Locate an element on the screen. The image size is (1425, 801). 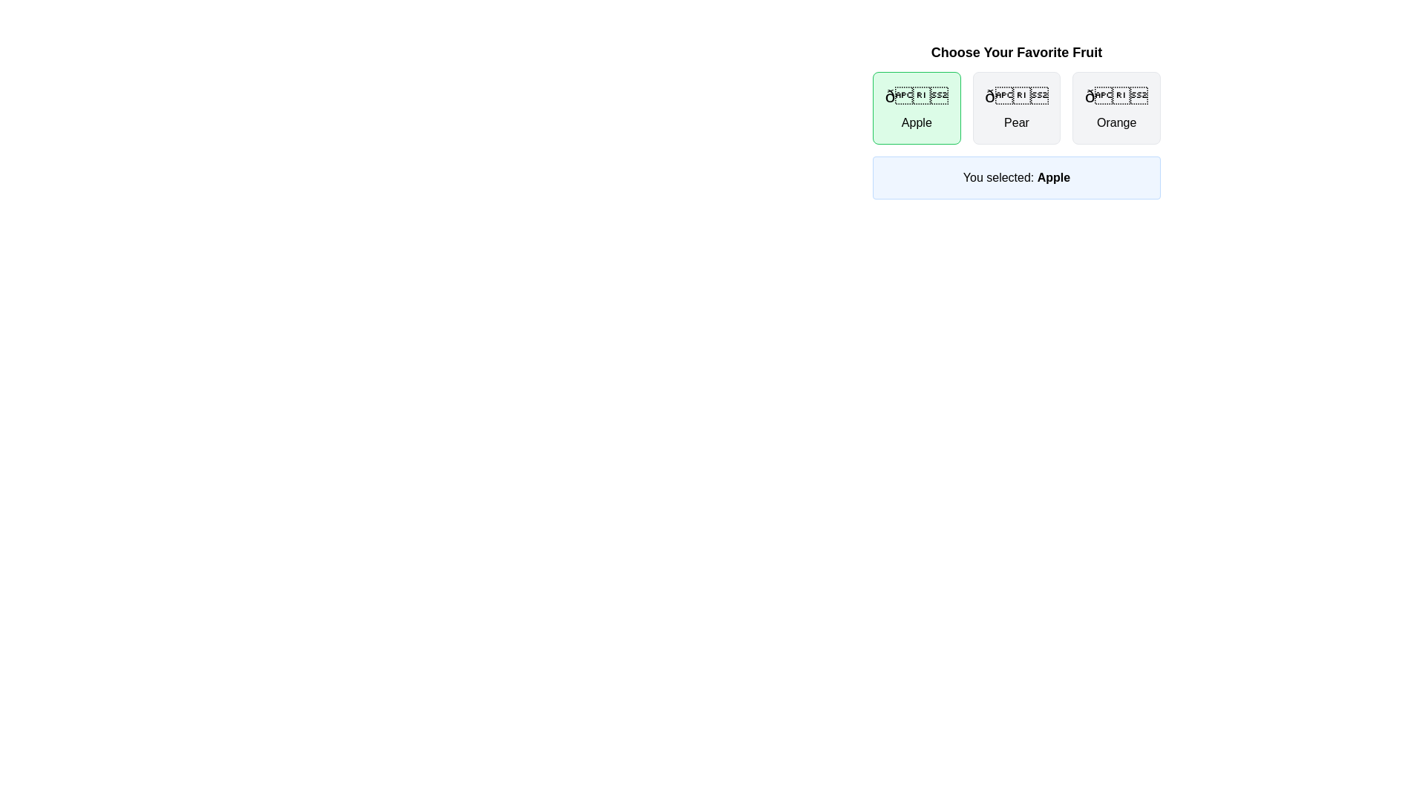
the Apple icon, which serves as a visual representation of the 'Apple' option in the selection interface, positioned above the text label 'Apple' is located at coordinates (916, 96).